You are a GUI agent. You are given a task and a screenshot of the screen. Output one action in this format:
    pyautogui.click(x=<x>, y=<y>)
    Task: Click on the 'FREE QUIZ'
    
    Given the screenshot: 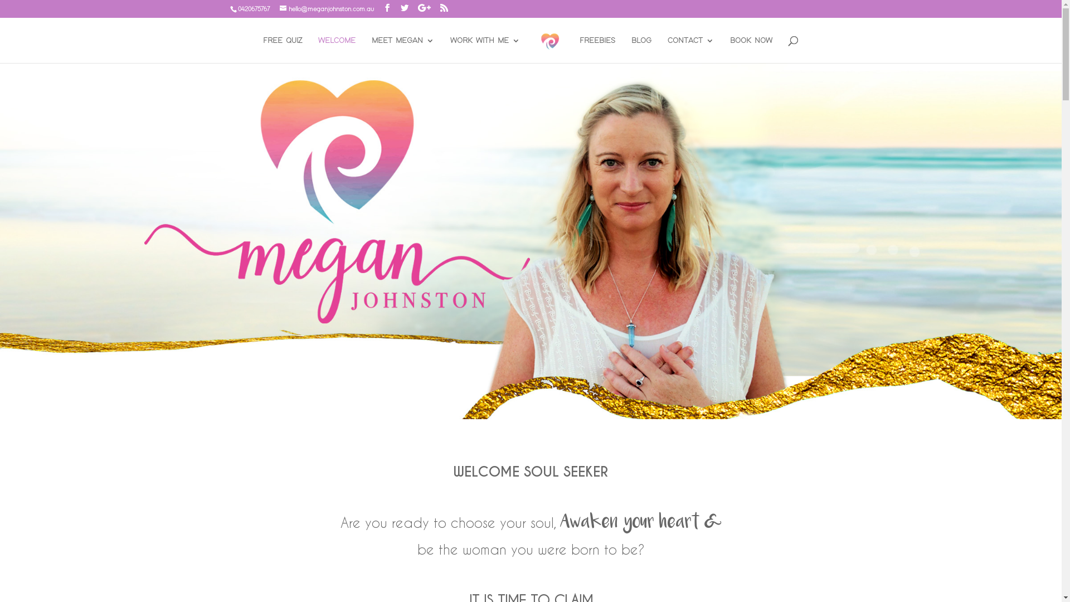 What is the action you would take?
    pyautogui.click(x=262, y=49)
    